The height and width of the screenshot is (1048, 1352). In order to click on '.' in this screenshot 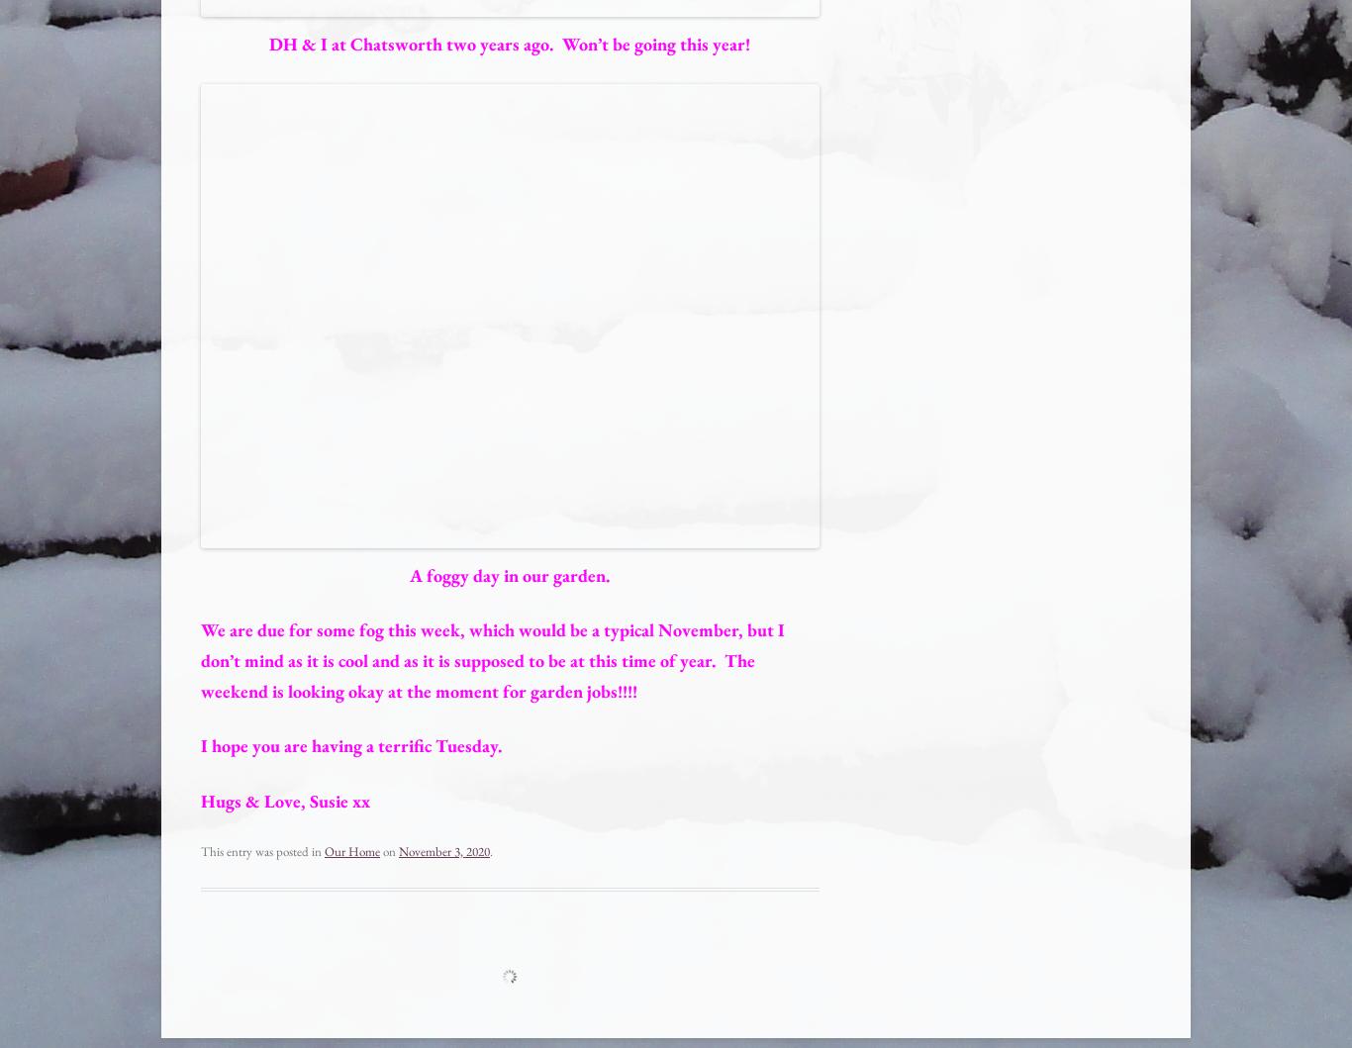, I will do `click(491, 850)`.